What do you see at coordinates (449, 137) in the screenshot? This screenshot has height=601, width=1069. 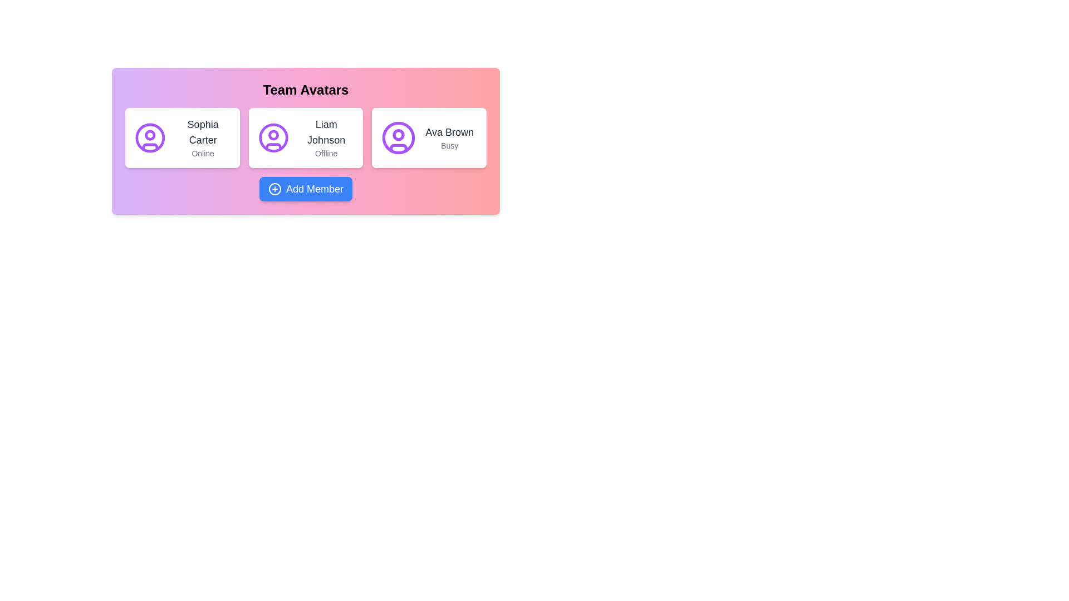 I see `the textual display component that shows the user's name 'Ava Brown' and status 'Busy', located in the rightmost card of a group of three horizontally aligned cards` at bounding box center [449, 137].